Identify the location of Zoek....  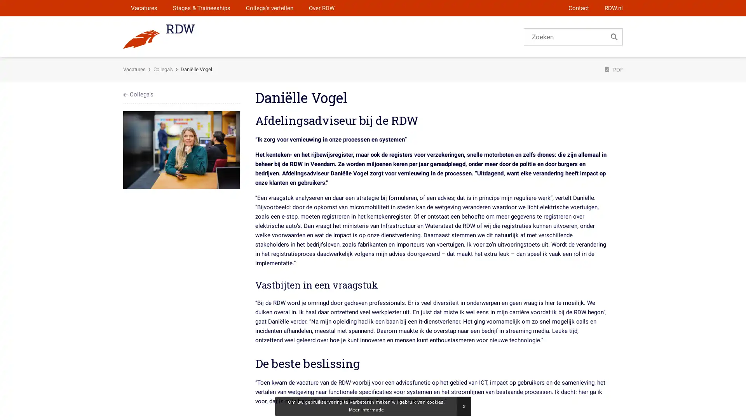
(614, 36).